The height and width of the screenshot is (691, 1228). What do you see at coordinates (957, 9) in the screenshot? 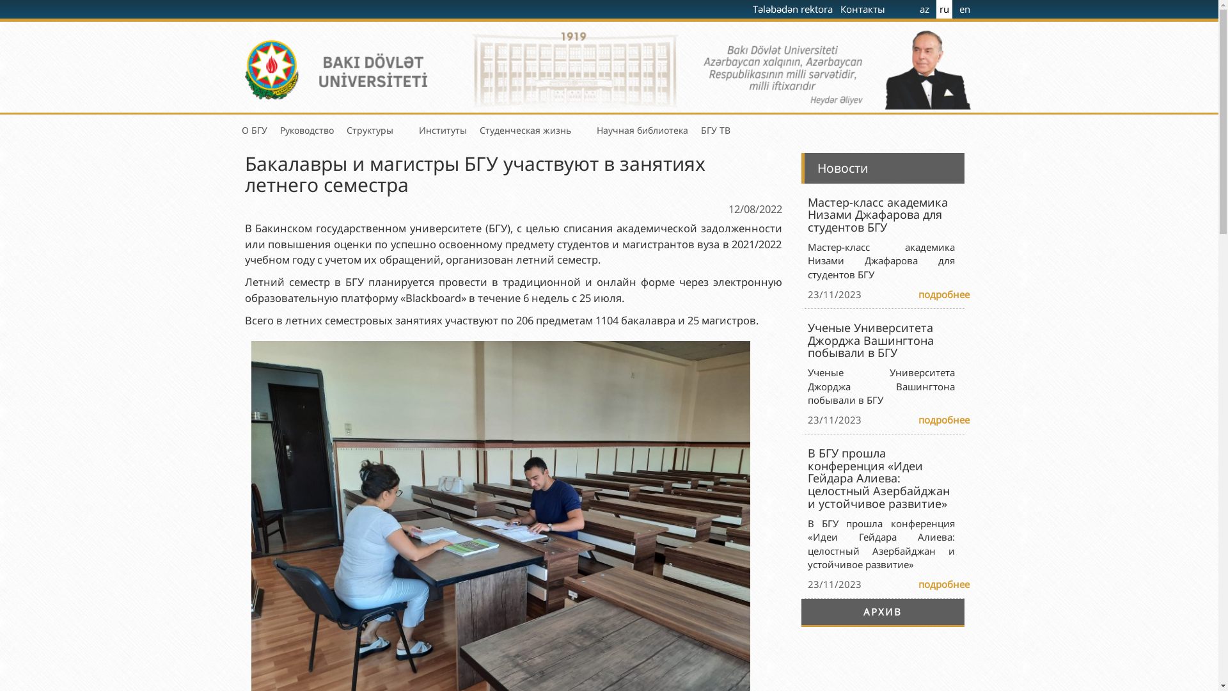
I see `'en'` at bounding box center [957, 9].